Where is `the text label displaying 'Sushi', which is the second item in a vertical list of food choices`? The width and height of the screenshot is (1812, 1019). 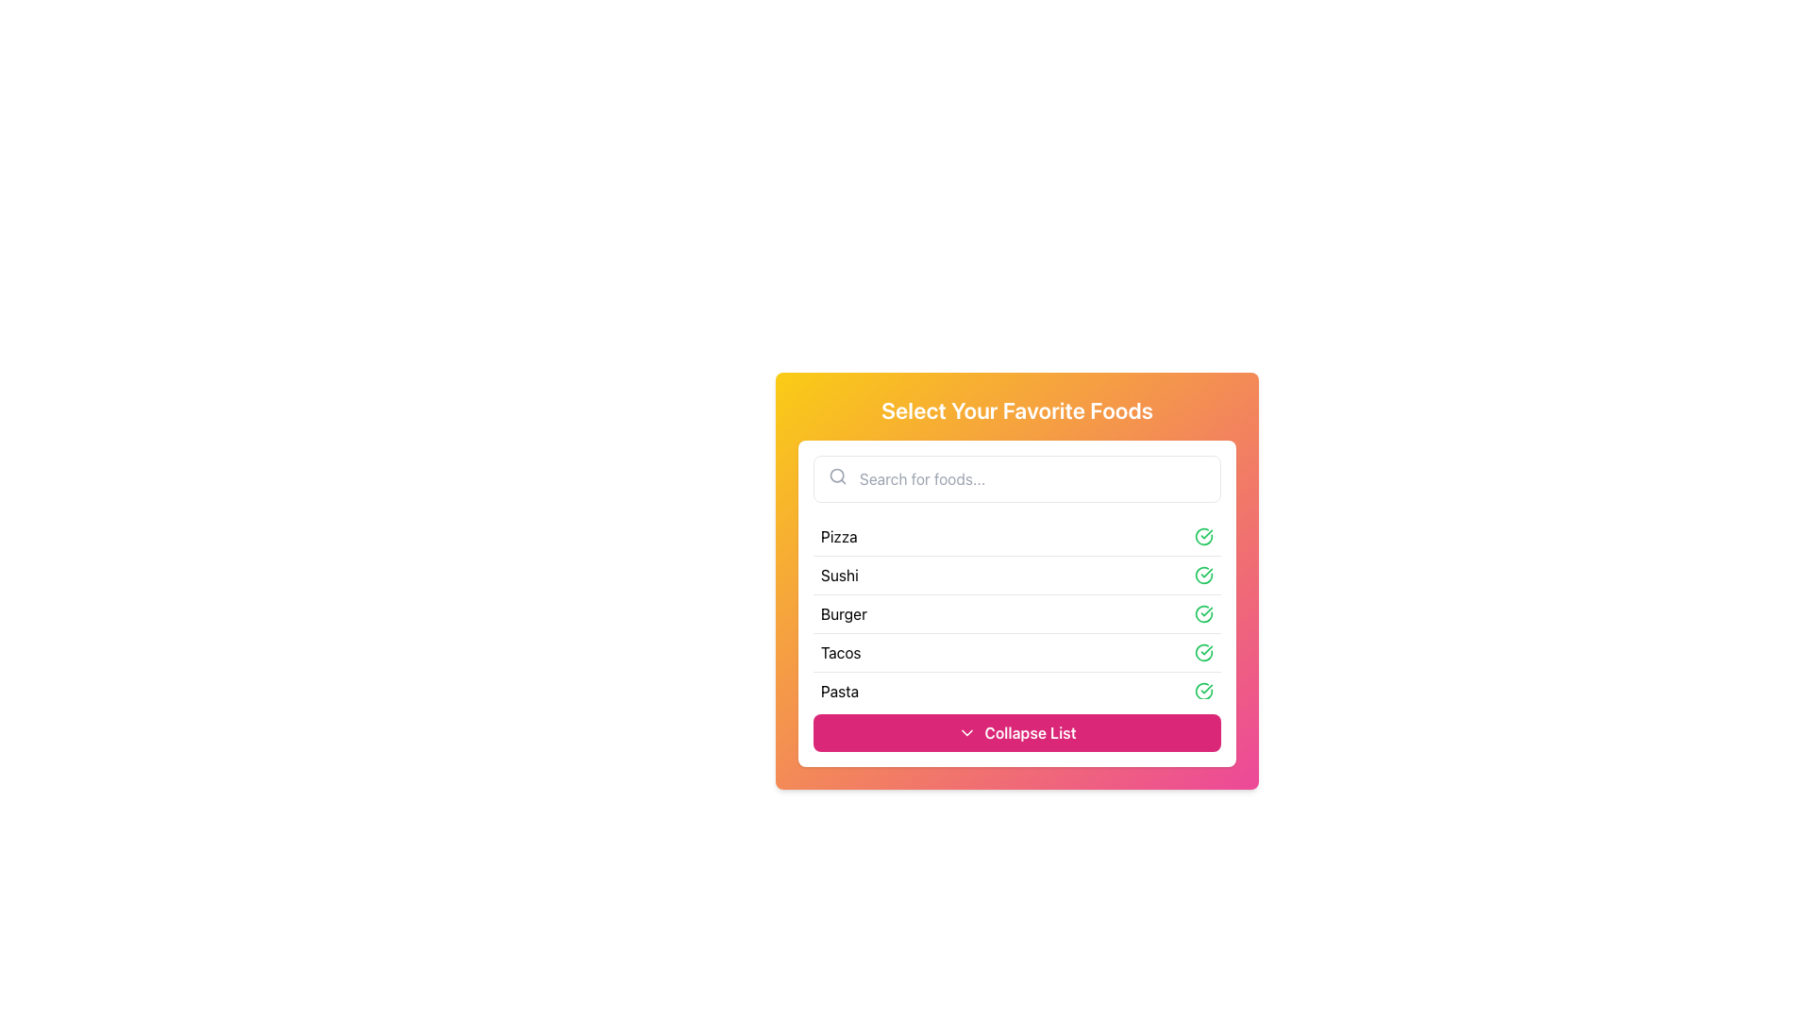
the text label displaying 'Sushi', which is the second item in a vertical list of food choices is located at coordinates (838, 574).